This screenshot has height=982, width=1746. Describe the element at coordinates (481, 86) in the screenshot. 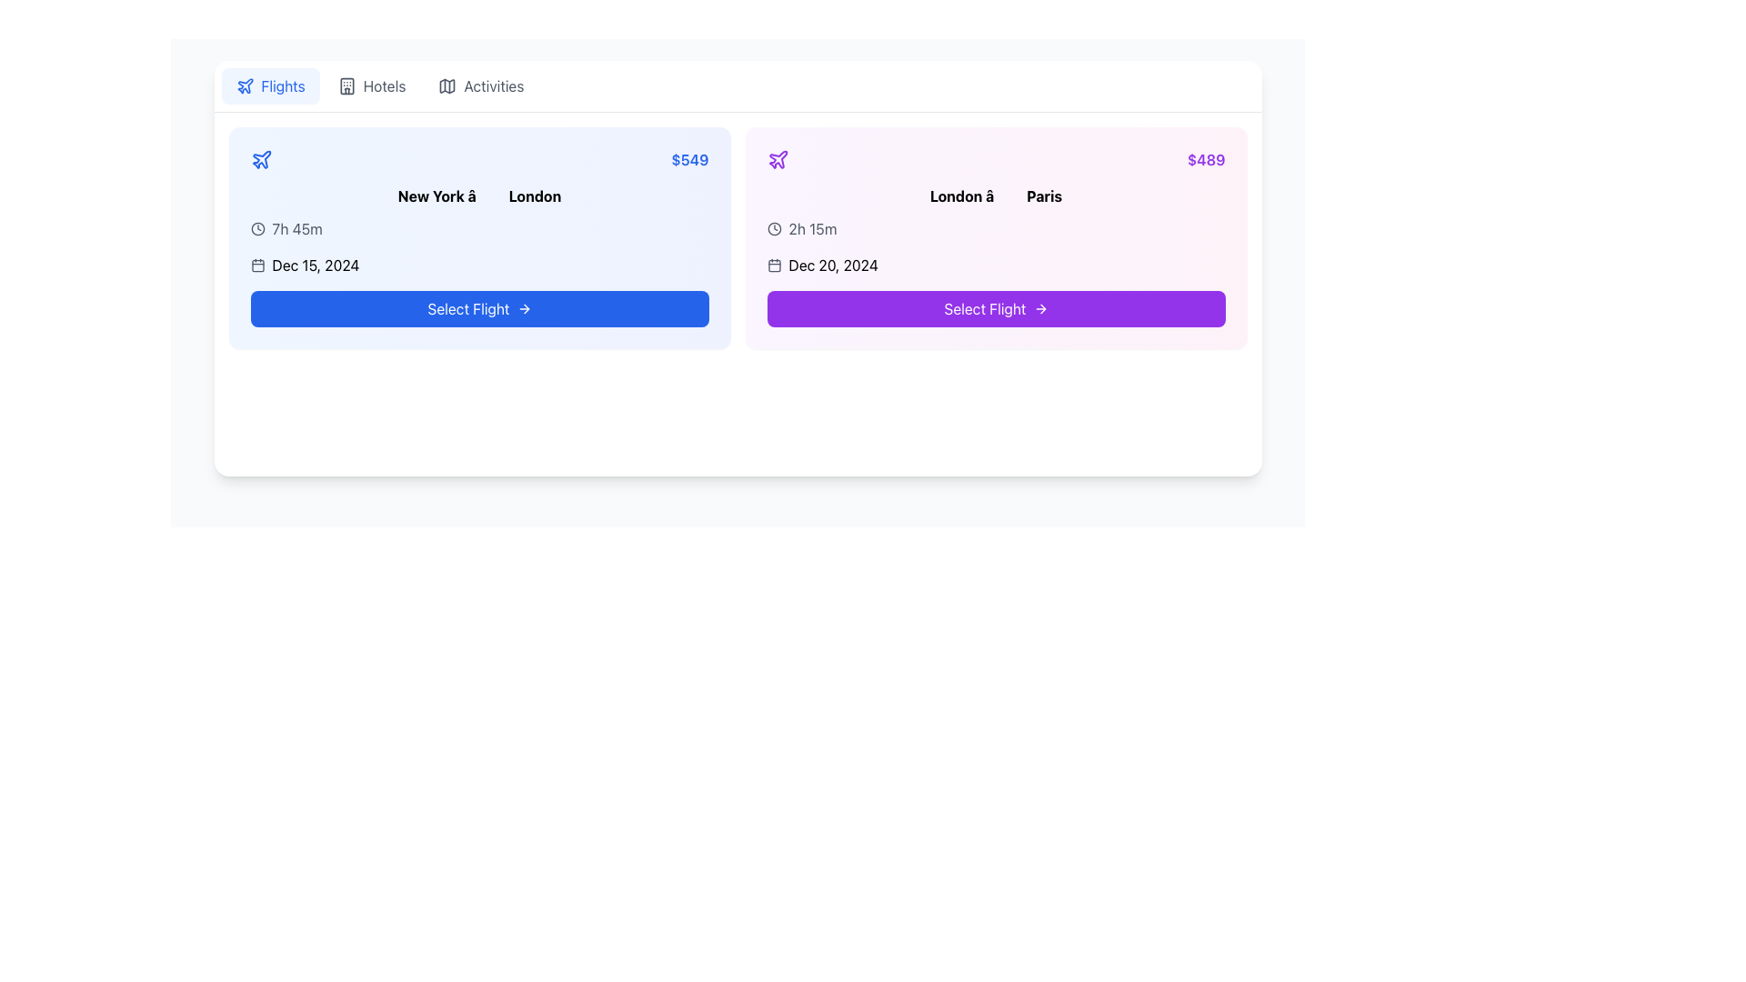

I see `the 'Activities' navigation button, which is the last item in the navigation bar, to trigger the background color change` at that location.